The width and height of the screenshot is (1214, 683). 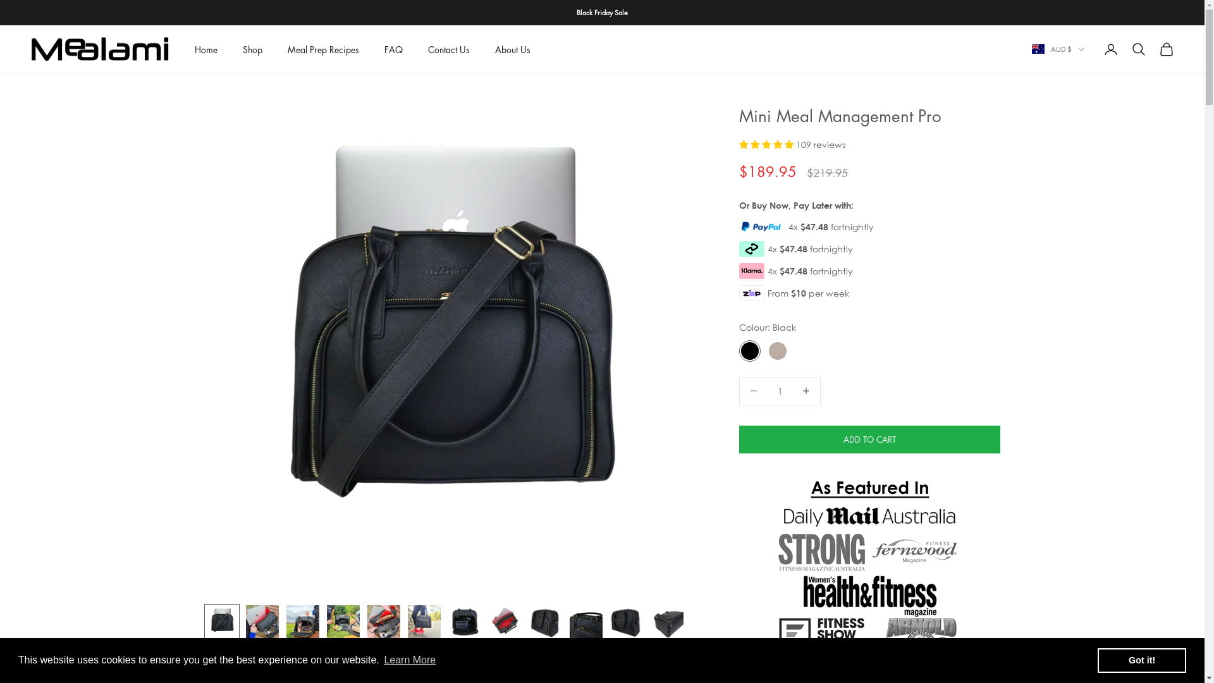 I want to click on 'Home', so click(x=206, y=48).